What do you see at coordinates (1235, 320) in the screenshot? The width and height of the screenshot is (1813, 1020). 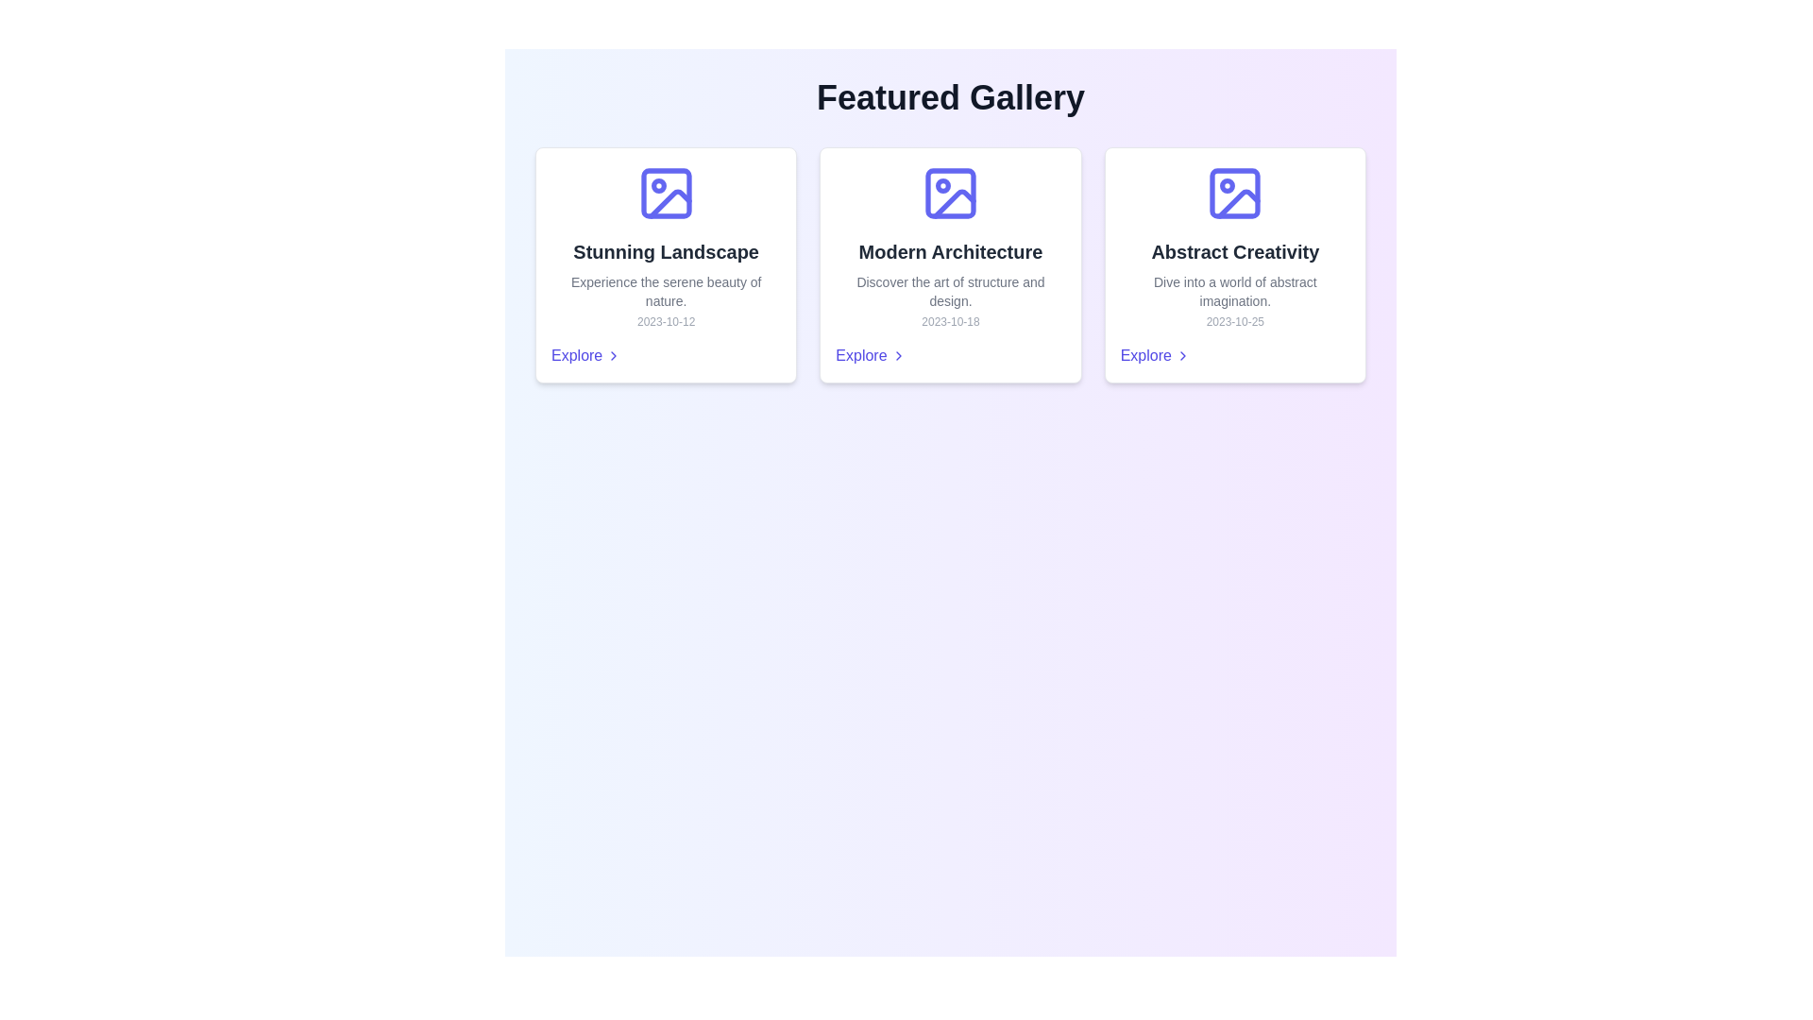 I see `the text label displaying the date '2023-10-25' in light gray, located at the bottom of the card titled 'Abstract Creativity'` at bounding box center [1235, 320].